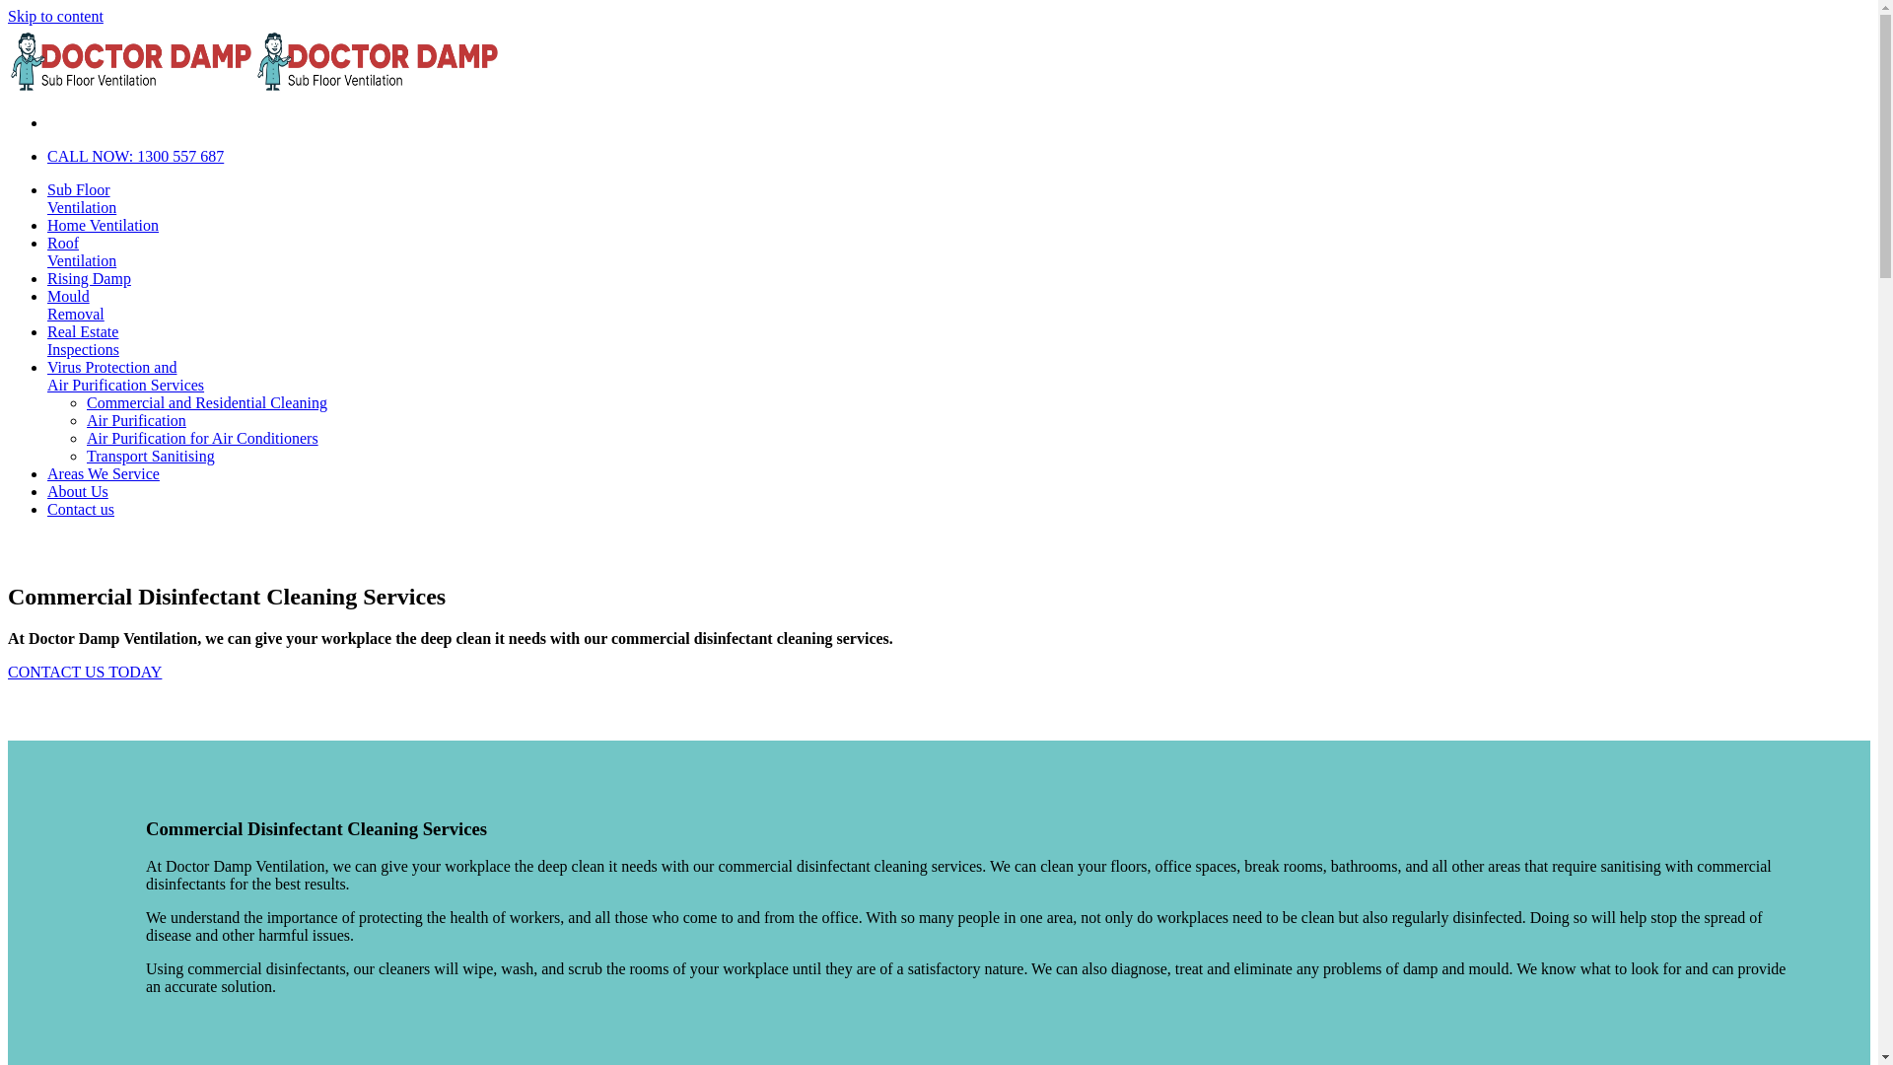 The height and width of the screenshot is (1065, 1893). What do you see at coordinates (84, 671) in the screenshot?
I see `'CONTACT US TODAY'` at bounding box center [84, 671].